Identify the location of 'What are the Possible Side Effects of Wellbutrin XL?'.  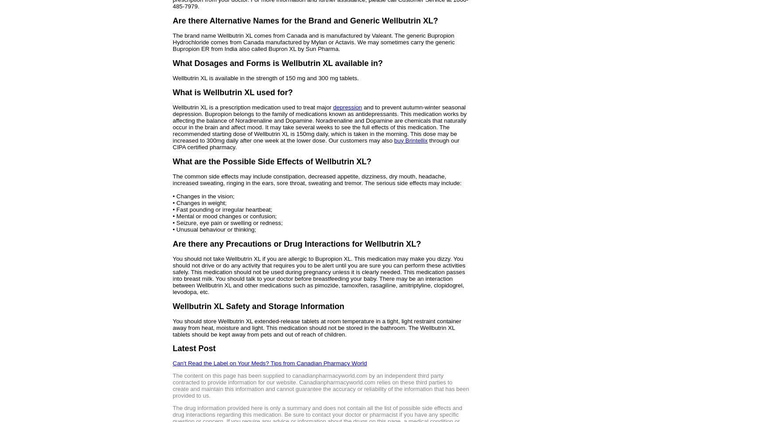
(272, 161).